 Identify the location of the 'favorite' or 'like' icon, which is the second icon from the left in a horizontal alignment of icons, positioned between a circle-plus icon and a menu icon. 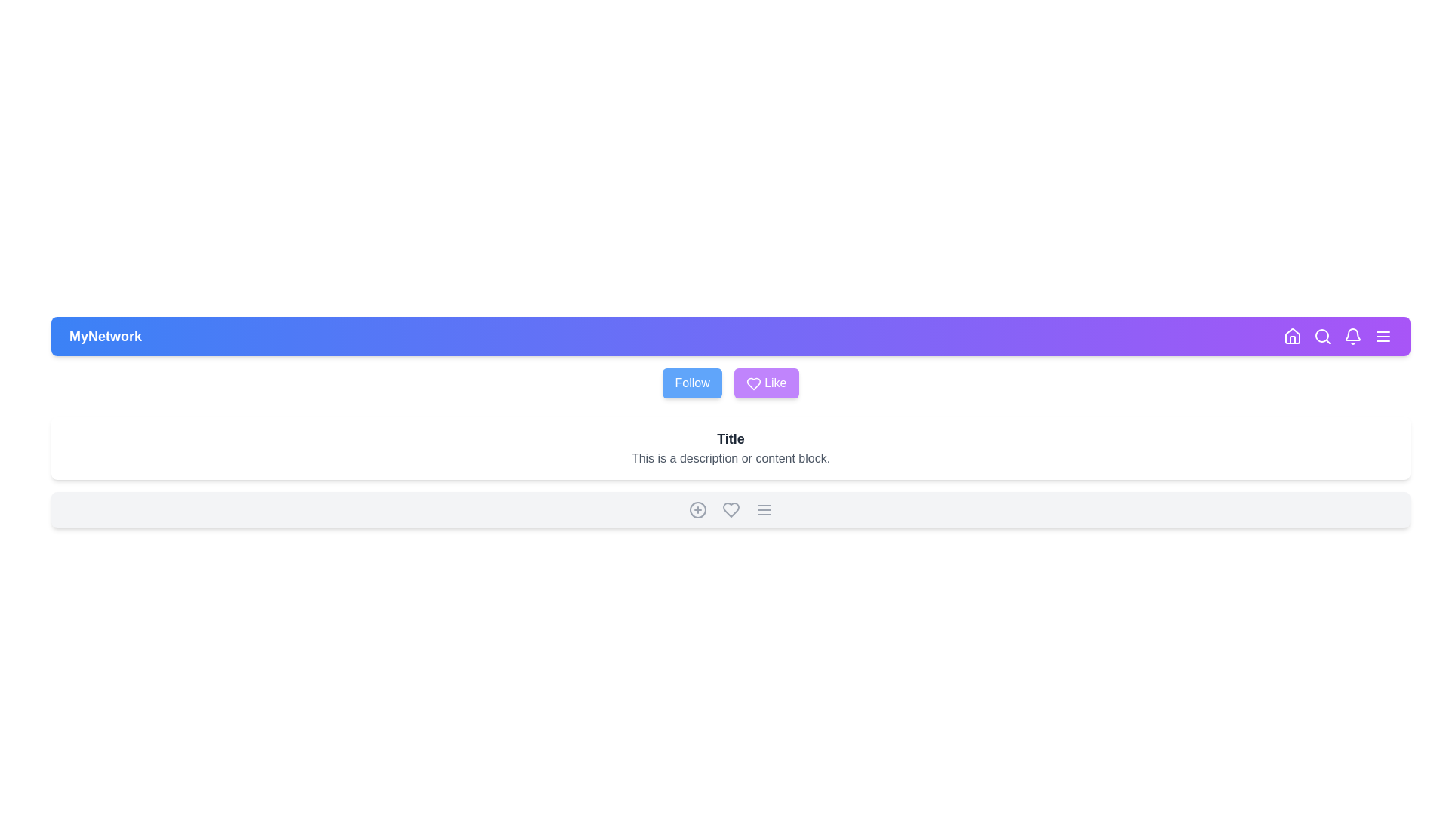
(731, 509).